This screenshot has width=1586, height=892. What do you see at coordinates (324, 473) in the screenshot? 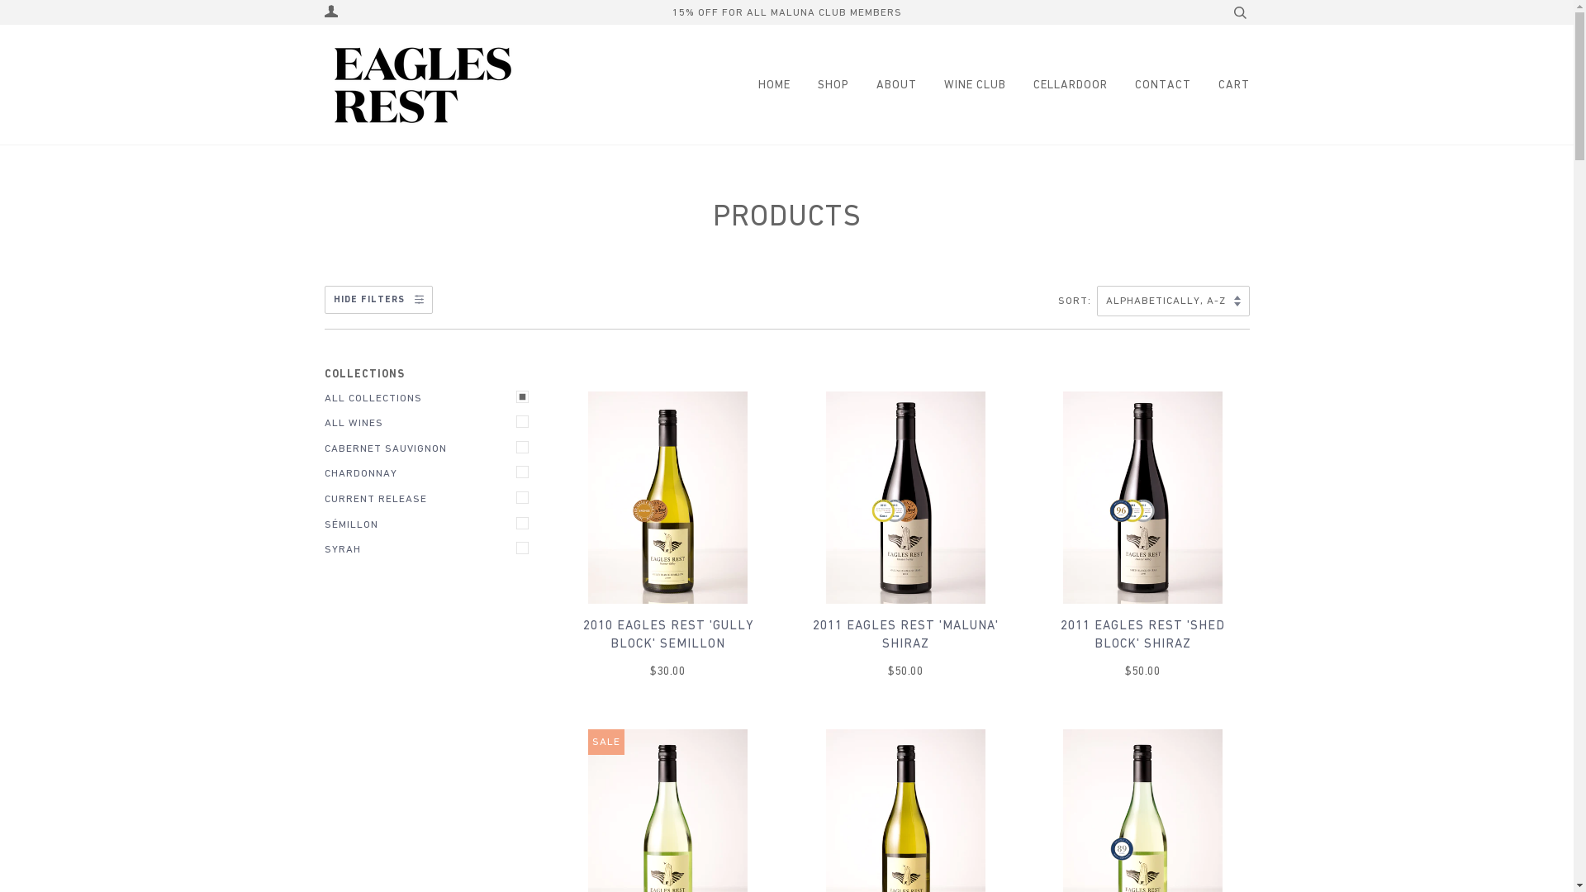
I see `'CHARDONNAY'` at bounding box center [324, 473].